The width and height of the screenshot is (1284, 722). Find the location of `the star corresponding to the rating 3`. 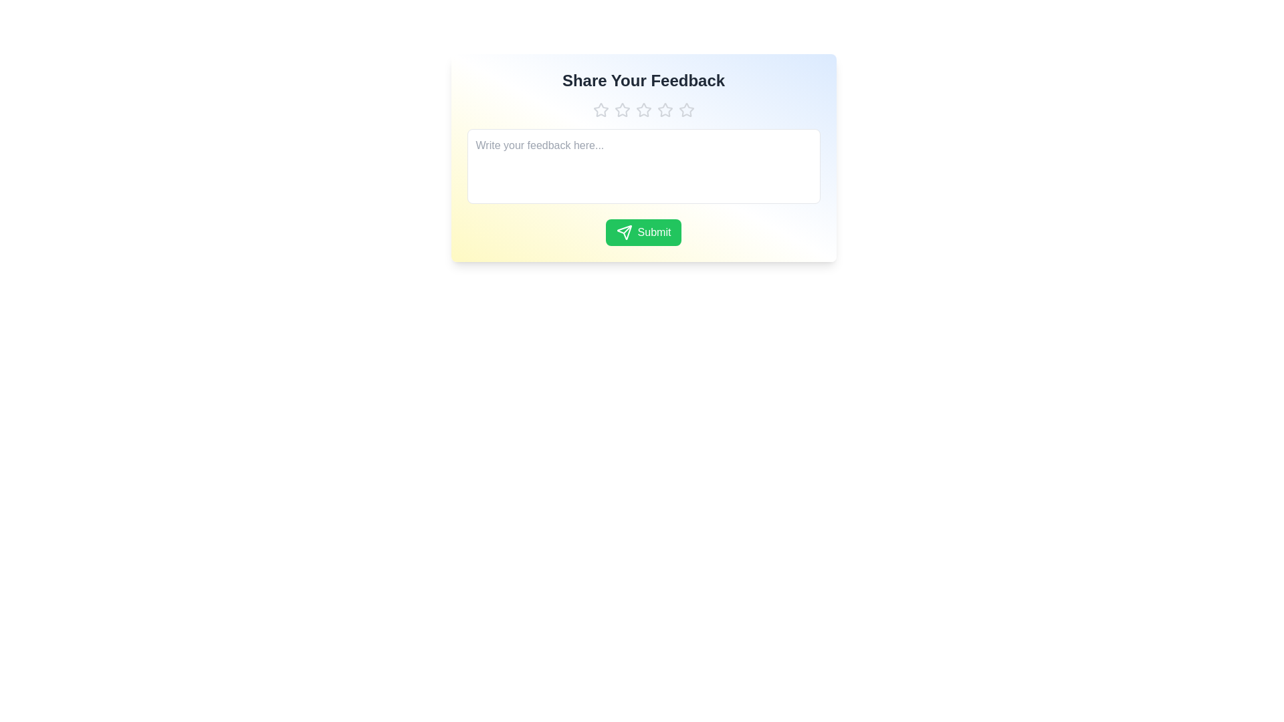

the star corresponding to the rating 3 is located at coordinates (643, 110).